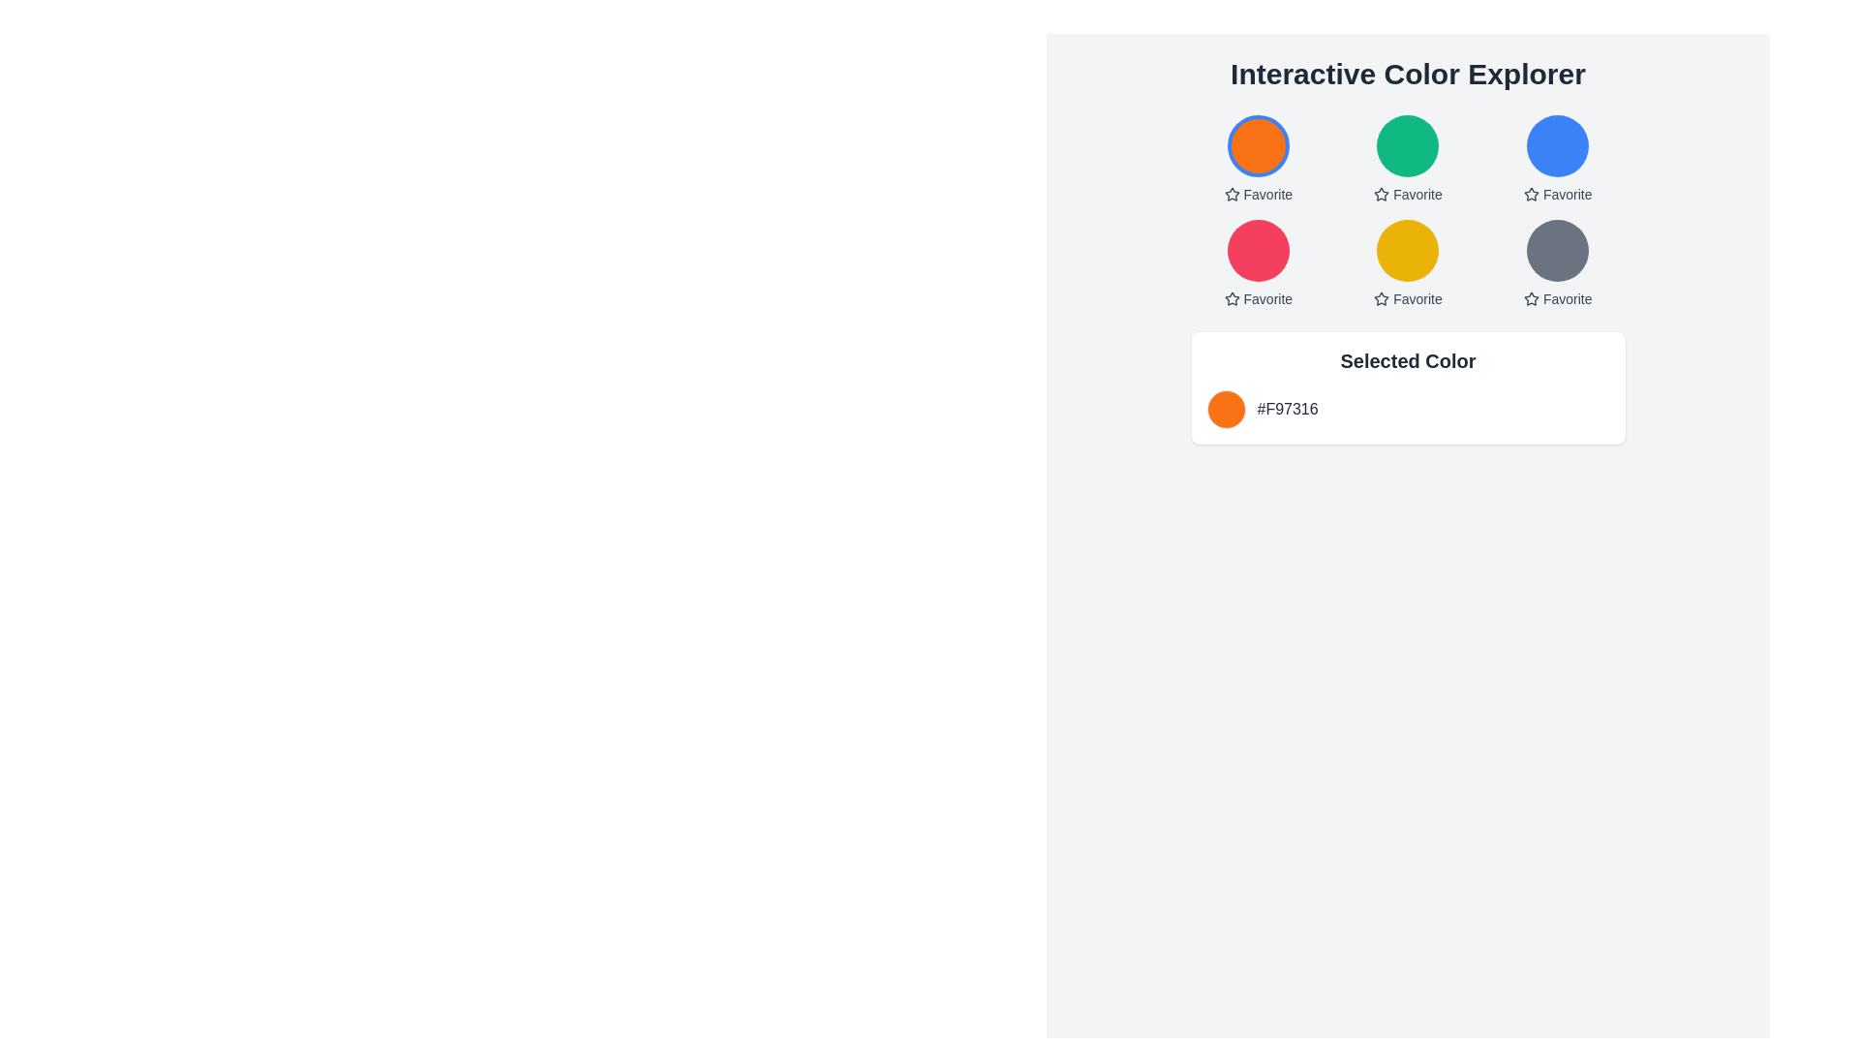 The height and width of the screenshot is (1046, 1859). Describe the element at coordinates (1530, 194) in the screenshot. I see `the star icon in the top-right corner of the grid under 'Interactive Color Explorer' that marks the corresponding color as a favorite` at that location.